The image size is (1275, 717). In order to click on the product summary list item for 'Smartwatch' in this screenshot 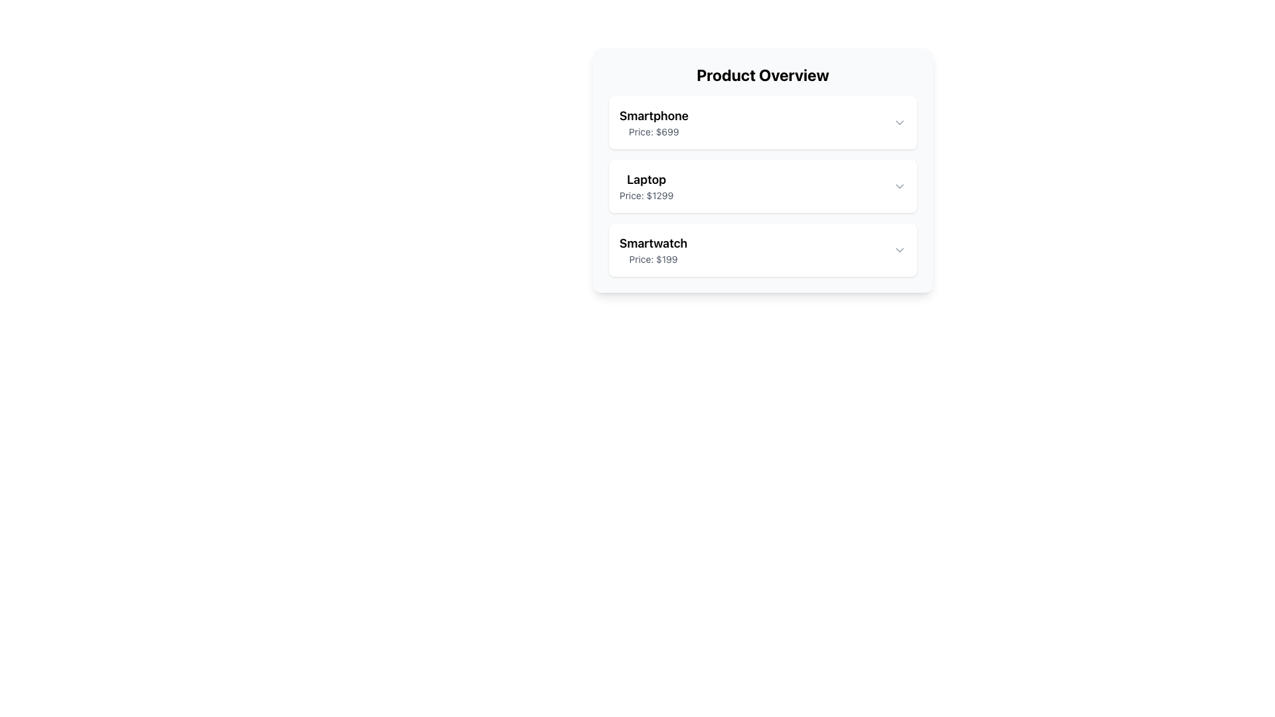, I will do `click(762, 250)`.